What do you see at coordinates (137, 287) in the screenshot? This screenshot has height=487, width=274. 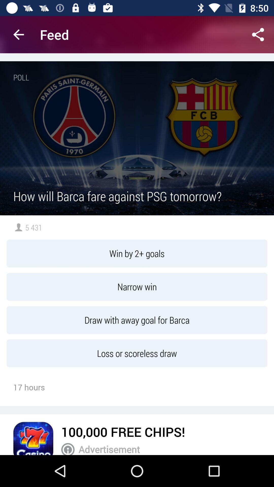 I see `the narrow win icon` at bounding box center [137, 287].